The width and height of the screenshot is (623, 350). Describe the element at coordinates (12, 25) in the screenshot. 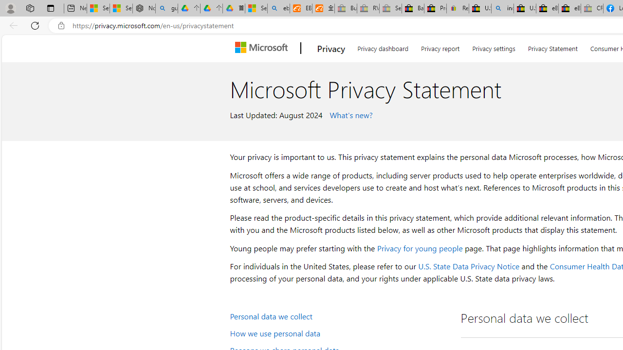

I see `'Back'` at that location.